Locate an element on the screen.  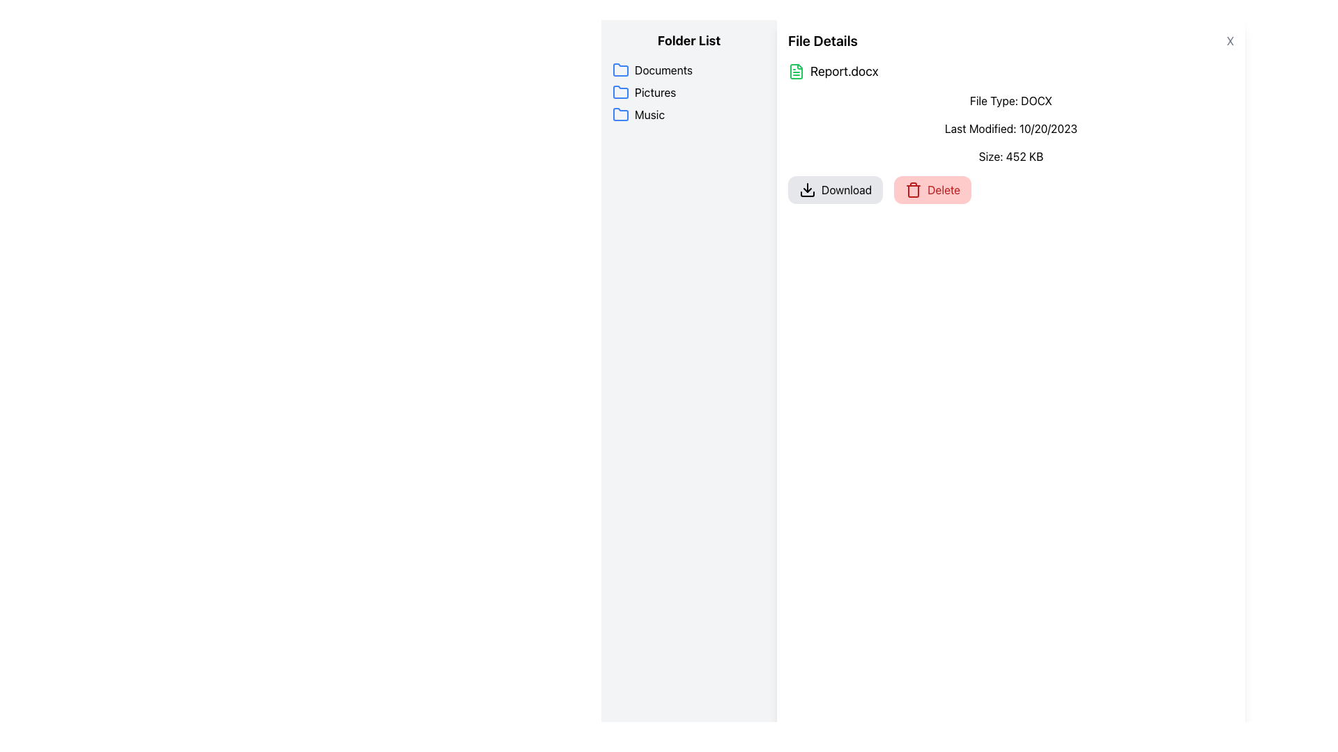
the informational text label that indicates the size of the document or file, located in the 'File Details' section under 'Last Modified' is located at coordinates (1010, 156).